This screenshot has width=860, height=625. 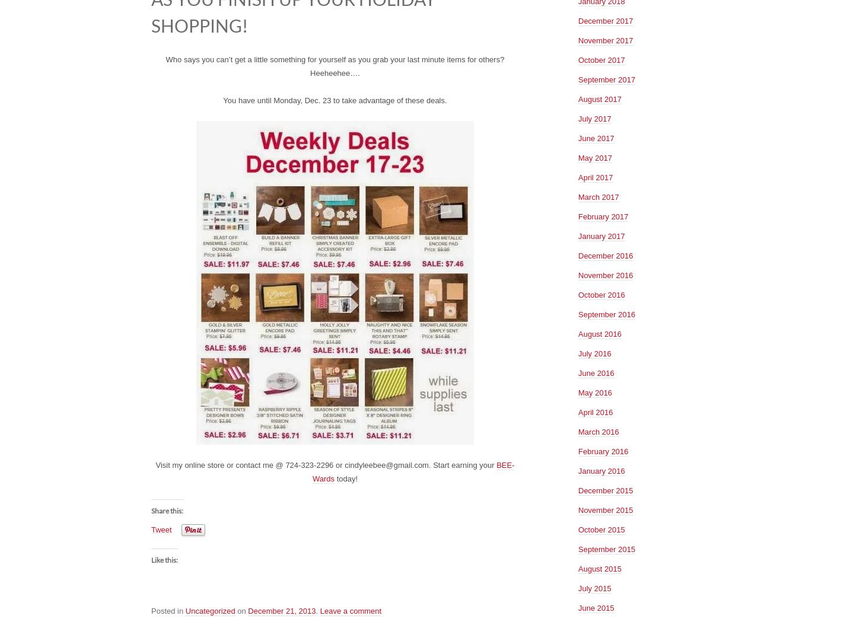 I want to click on 'December 2015', so click(x=605, y=489).